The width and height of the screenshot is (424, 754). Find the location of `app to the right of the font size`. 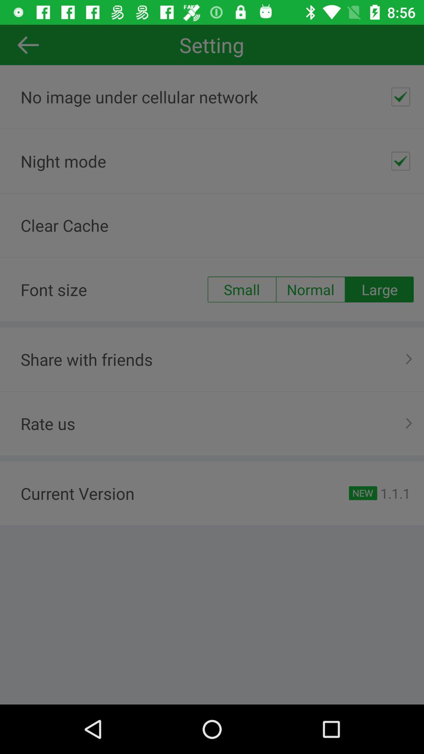

app to the right of the font size is located at coordinates (241, 289).